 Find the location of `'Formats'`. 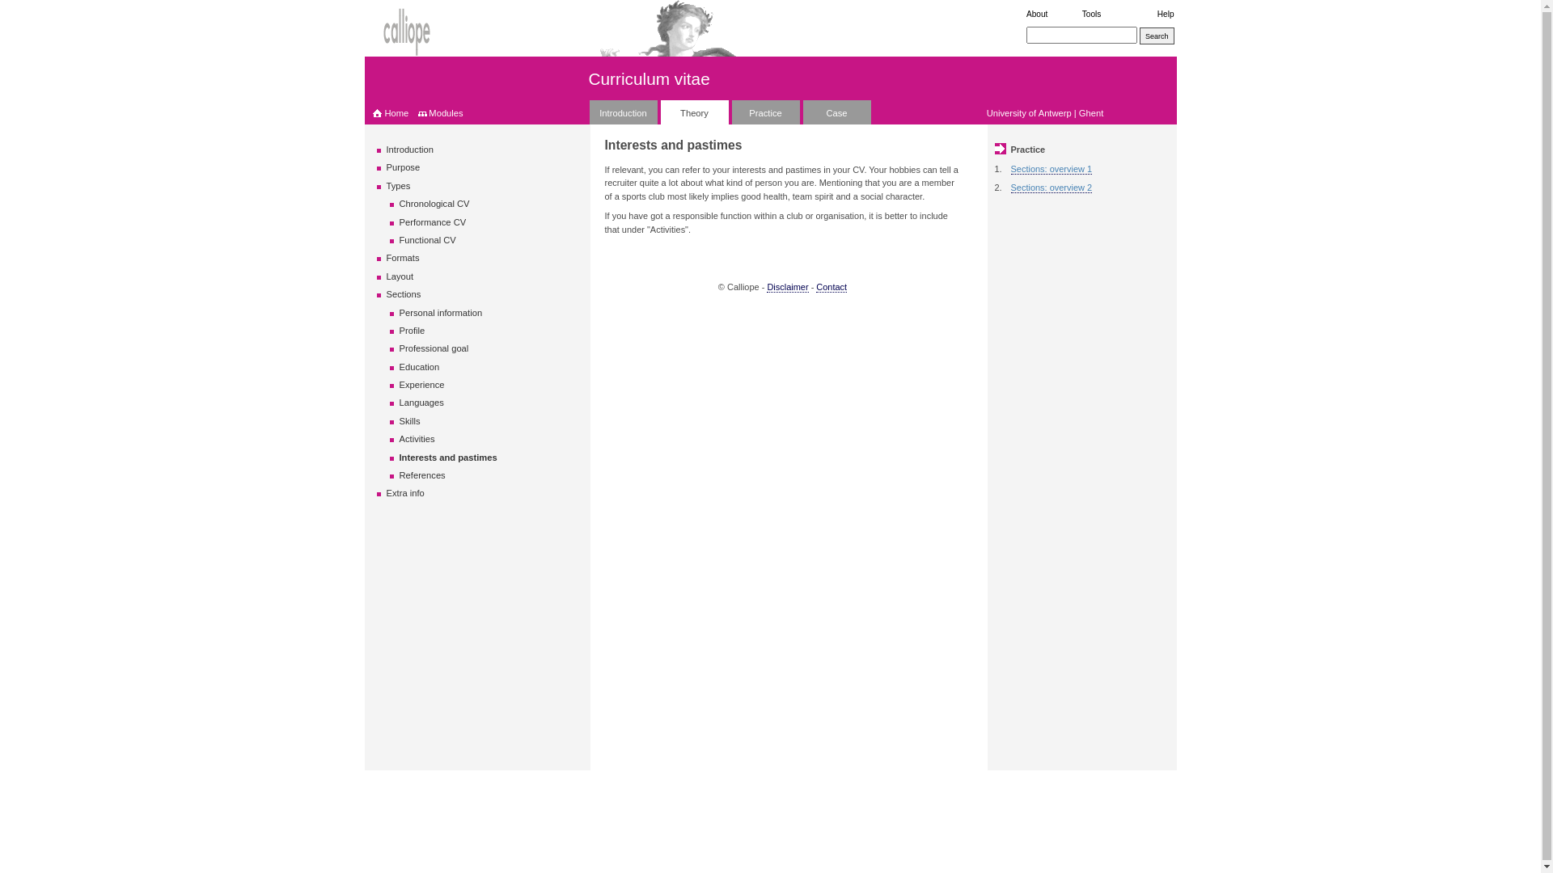

'Formats' is located at coordinates (403, 257).